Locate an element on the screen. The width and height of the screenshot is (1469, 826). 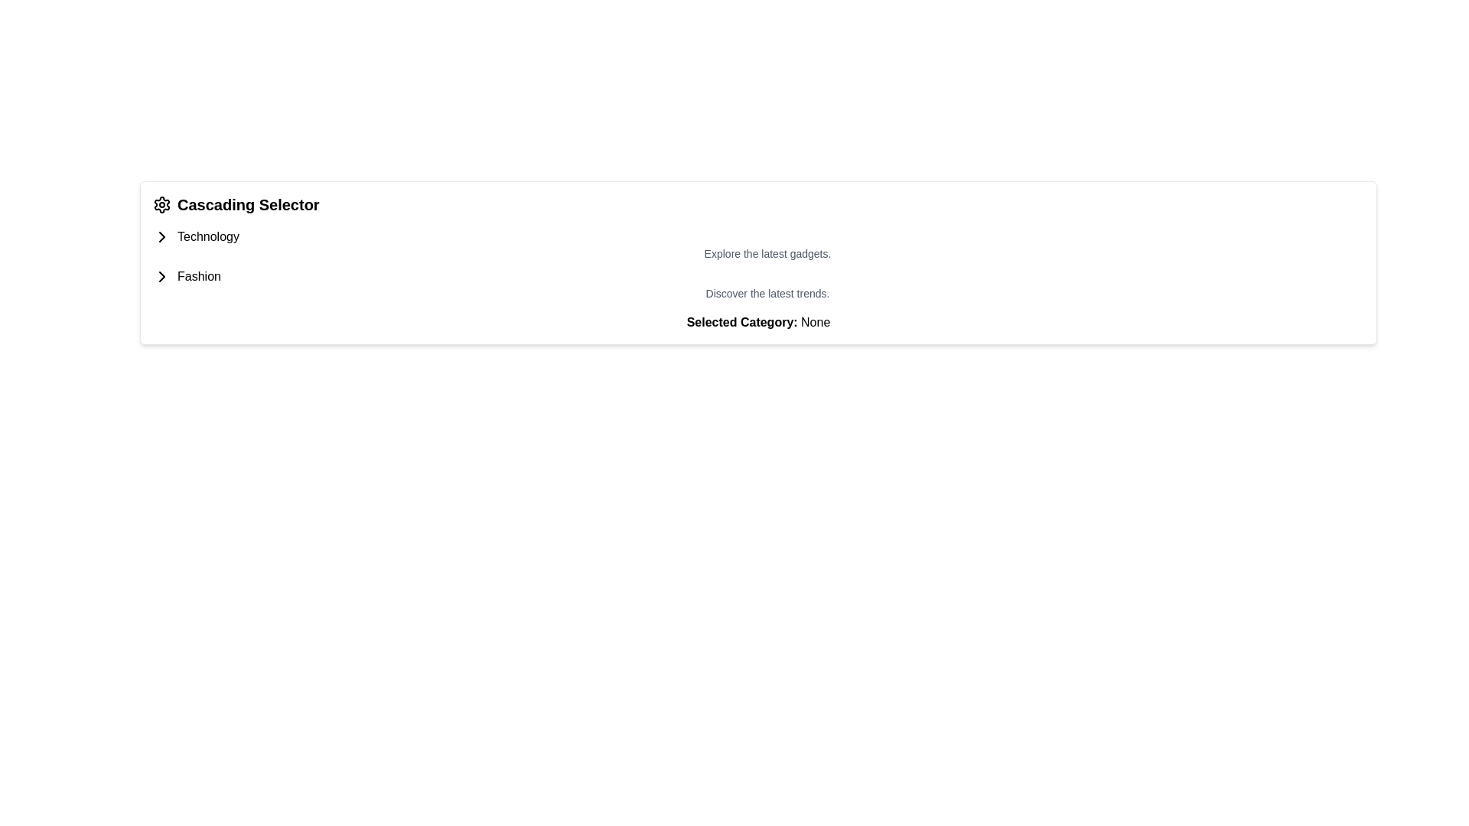
the rightward pointing chevron icon button located before the 'Fashion' item is located at coordinates (161, 277).